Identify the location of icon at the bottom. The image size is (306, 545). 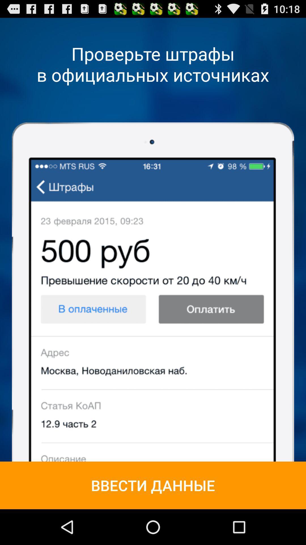
(153, 485).